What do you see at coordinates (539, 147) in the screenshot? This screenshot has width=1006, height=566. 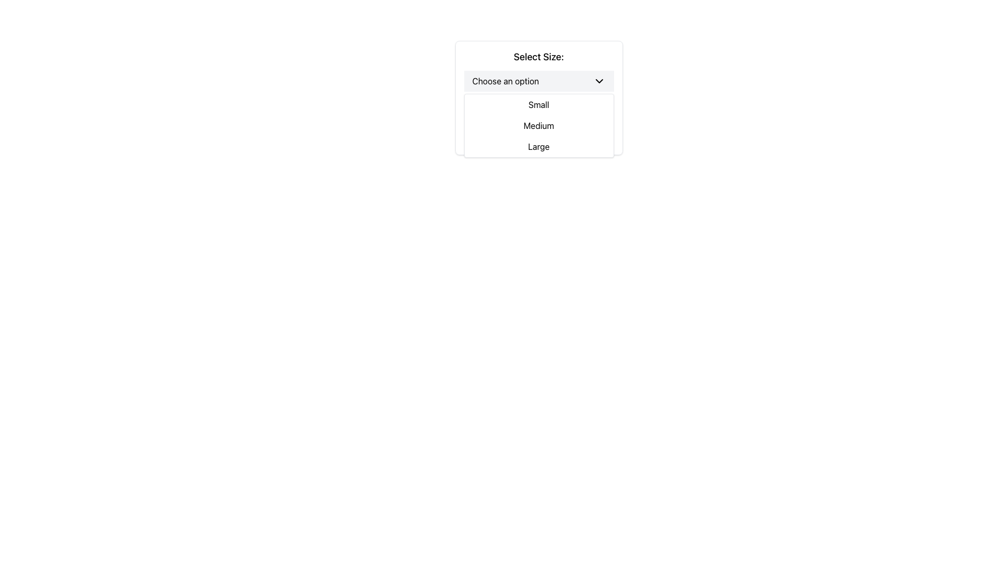 I see `to select the 'Large' text option in the dropdown menu, which is the last item in the list styled with padding and changes background color on hover` at bounding box center [539, 147].